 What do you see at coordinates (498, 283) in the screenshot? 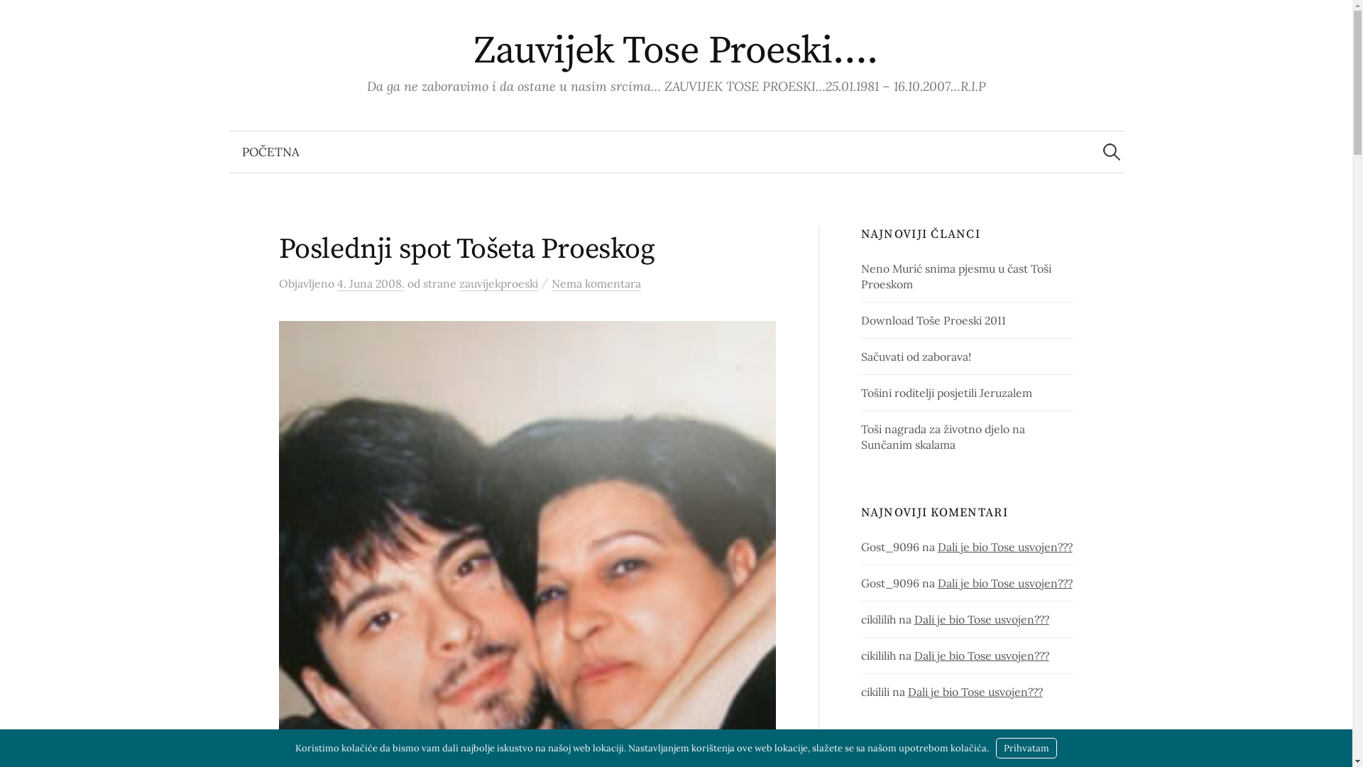
I see `'zauvijekproeski'` at bounding box center [498, 283].